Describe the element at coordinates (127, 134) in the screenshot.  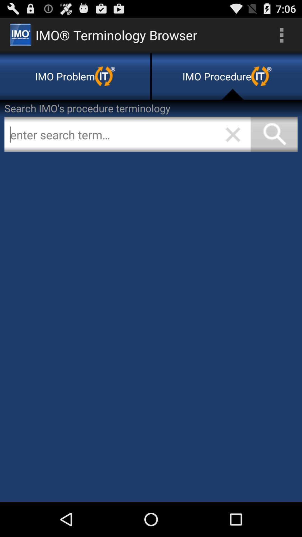
I see `type search term` at that location.